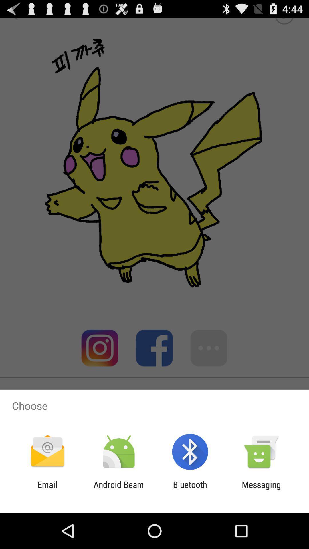 This screenshot has width=309, height=549. Describe the element at coordinates (190, 489) in the screenshot. I see `icon next to the android beam item` at that location.